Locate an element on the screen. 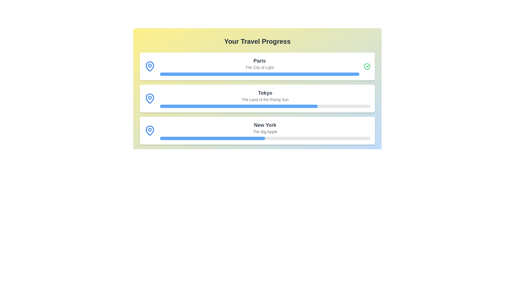 The height and width of the screenshot is (299, 532). the progress visually on the progress bar located at the bottom of the 'Paris' section, beneath the subheading 'The City of Light' is located at coordinates (259, 74).